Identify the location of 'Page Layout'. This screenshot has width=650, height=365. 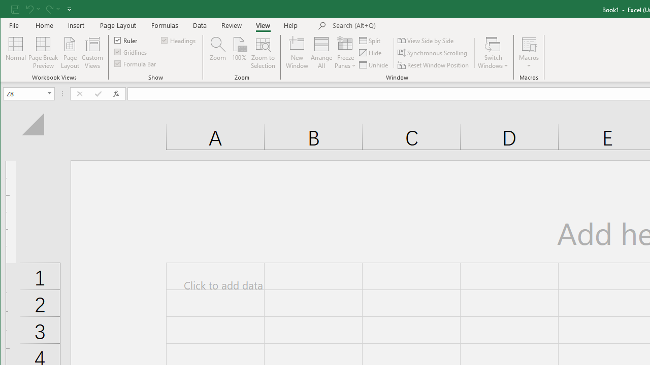
(118, 25).